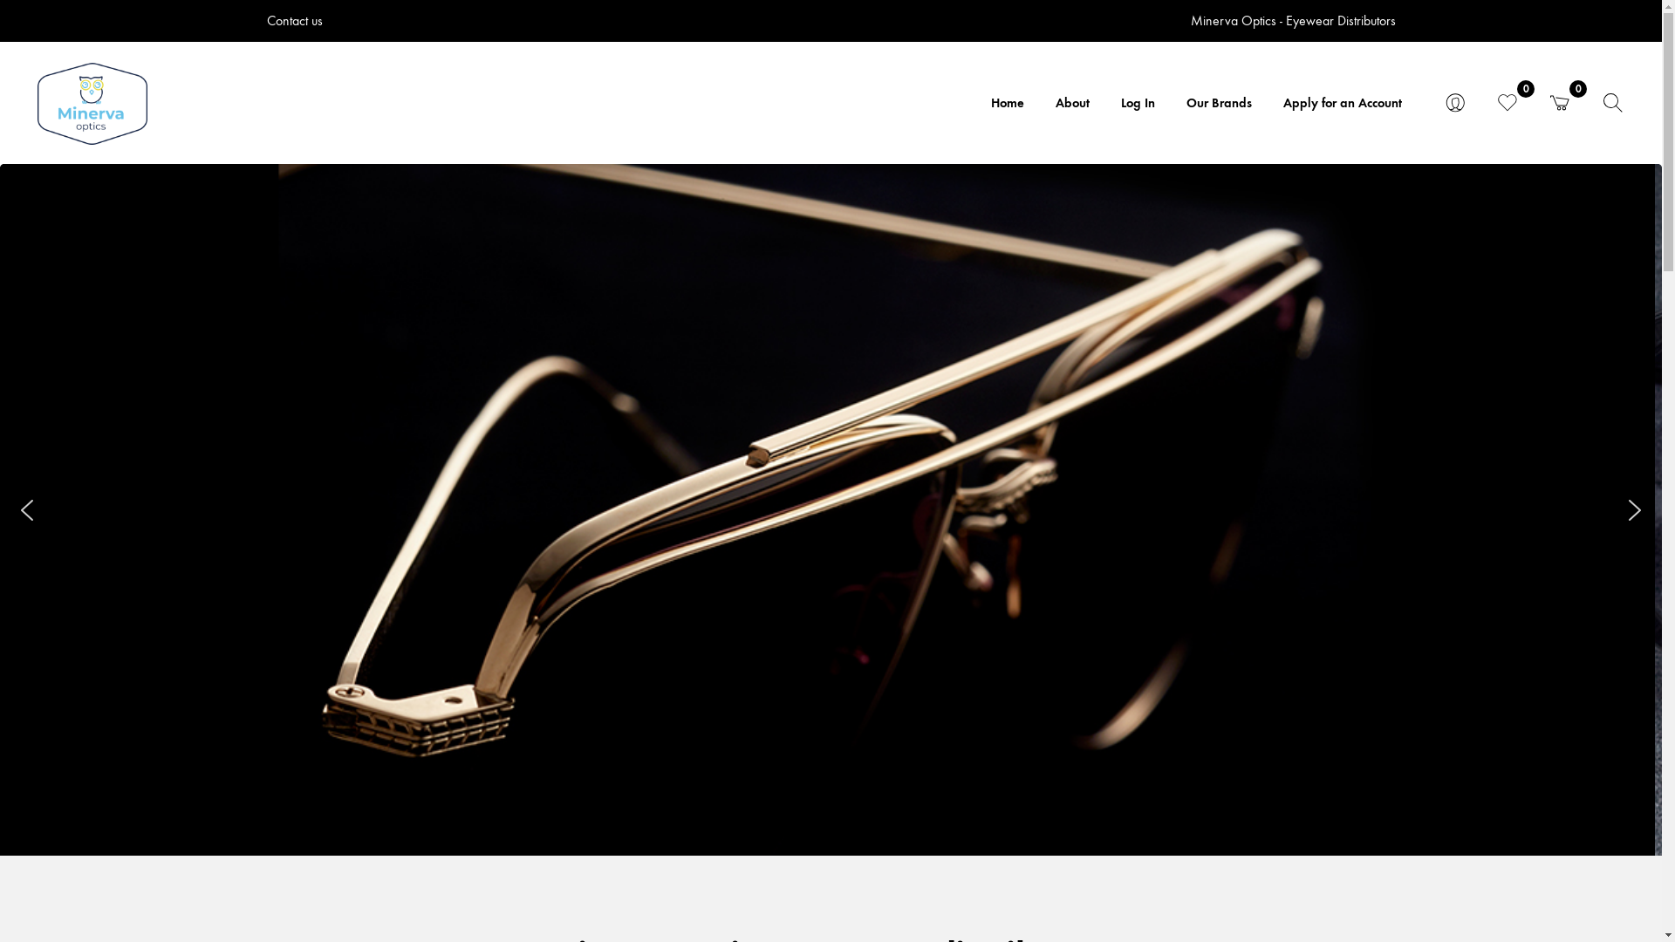 The width and height of the screenshot is (1675, 942). What do you see at coordinates (1560, 104) in the screenshot?
I see `'0'` at bounding box center [1560, 104].